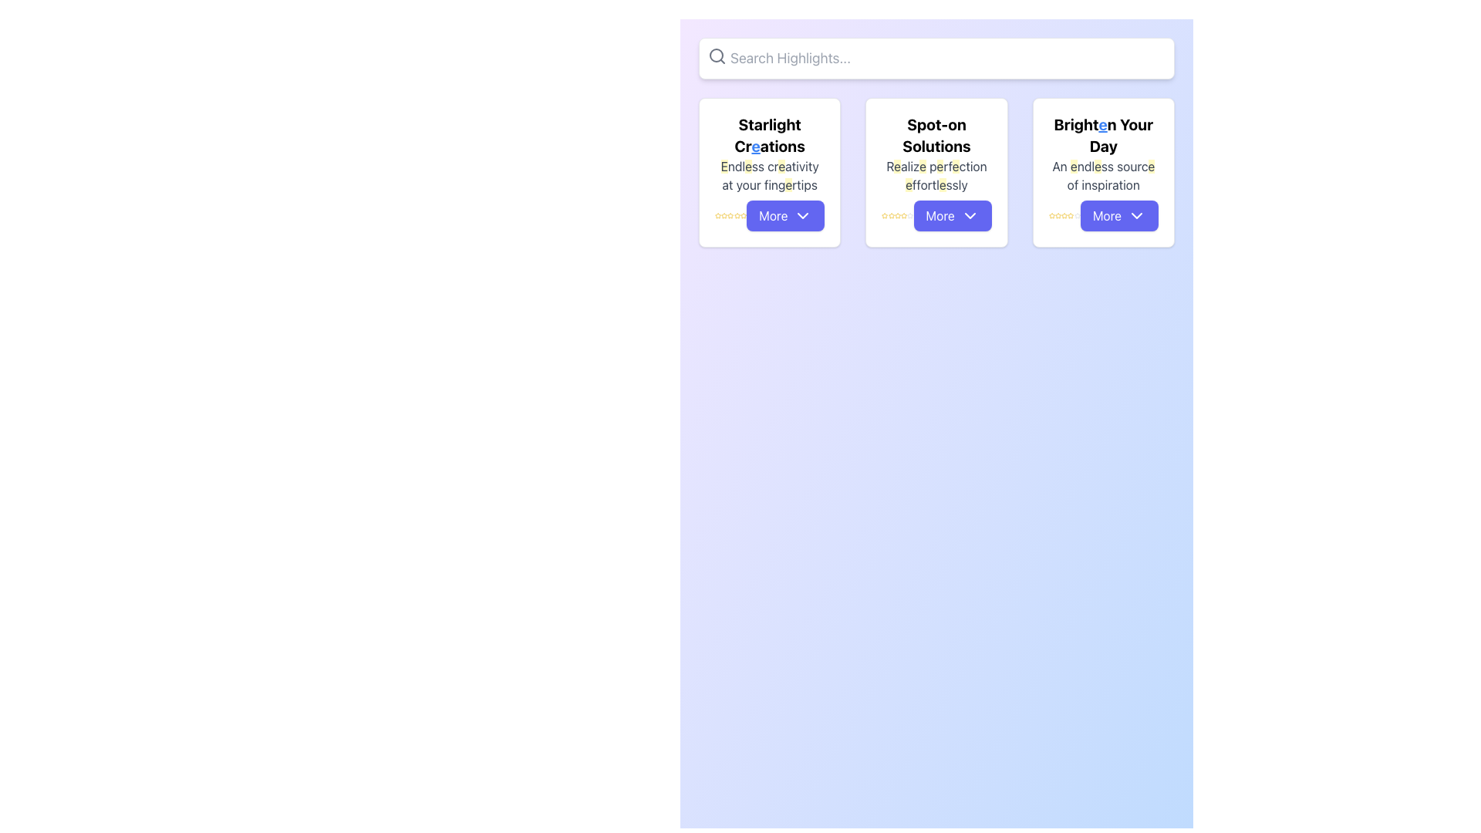 This screenshot has width=1481, height=833. Describe the element at coordinates (1102, 135) in the screenshot. I see `the text block that prominently displays the phrase 'Brighten Your Day' in bold, large font, located centrally at the top of the third card in a set of three horizontally aligned cards` at that location.